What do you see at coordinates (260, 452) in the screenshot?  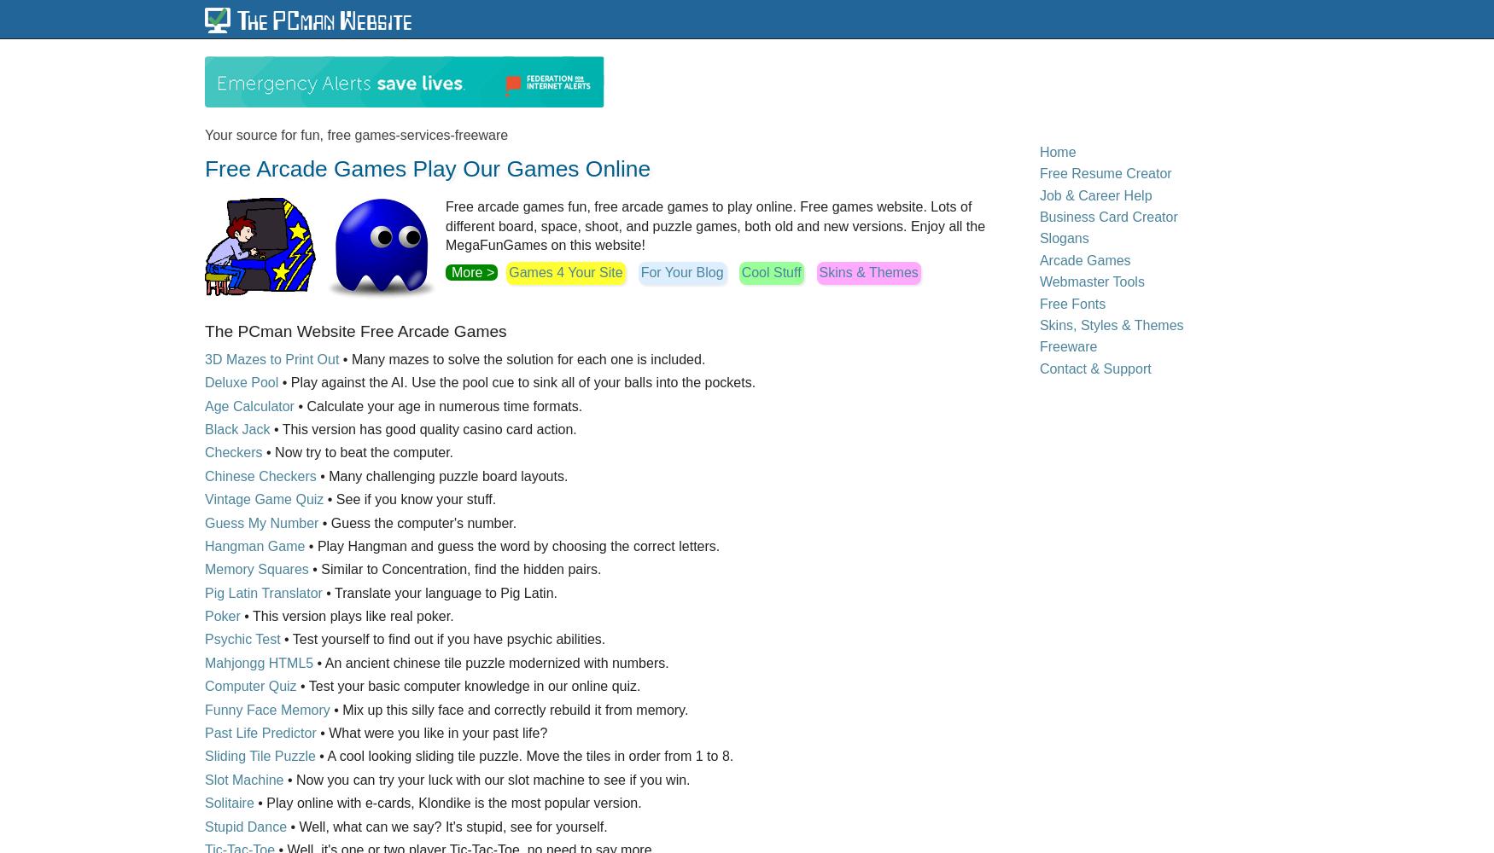 I see `'• Now try to beat the computer.'` at bounding box center [260, 452].